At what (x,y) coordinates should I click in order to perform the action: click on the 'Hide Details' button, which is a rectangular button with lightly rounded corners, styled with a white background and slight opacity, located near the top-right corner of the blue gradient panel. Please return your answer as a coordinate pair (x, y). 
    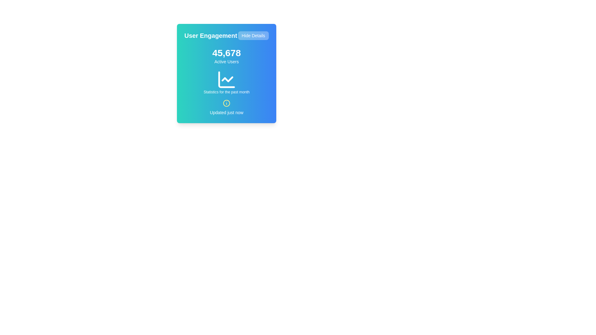
    Looking at the image, I should click on (253, 36).